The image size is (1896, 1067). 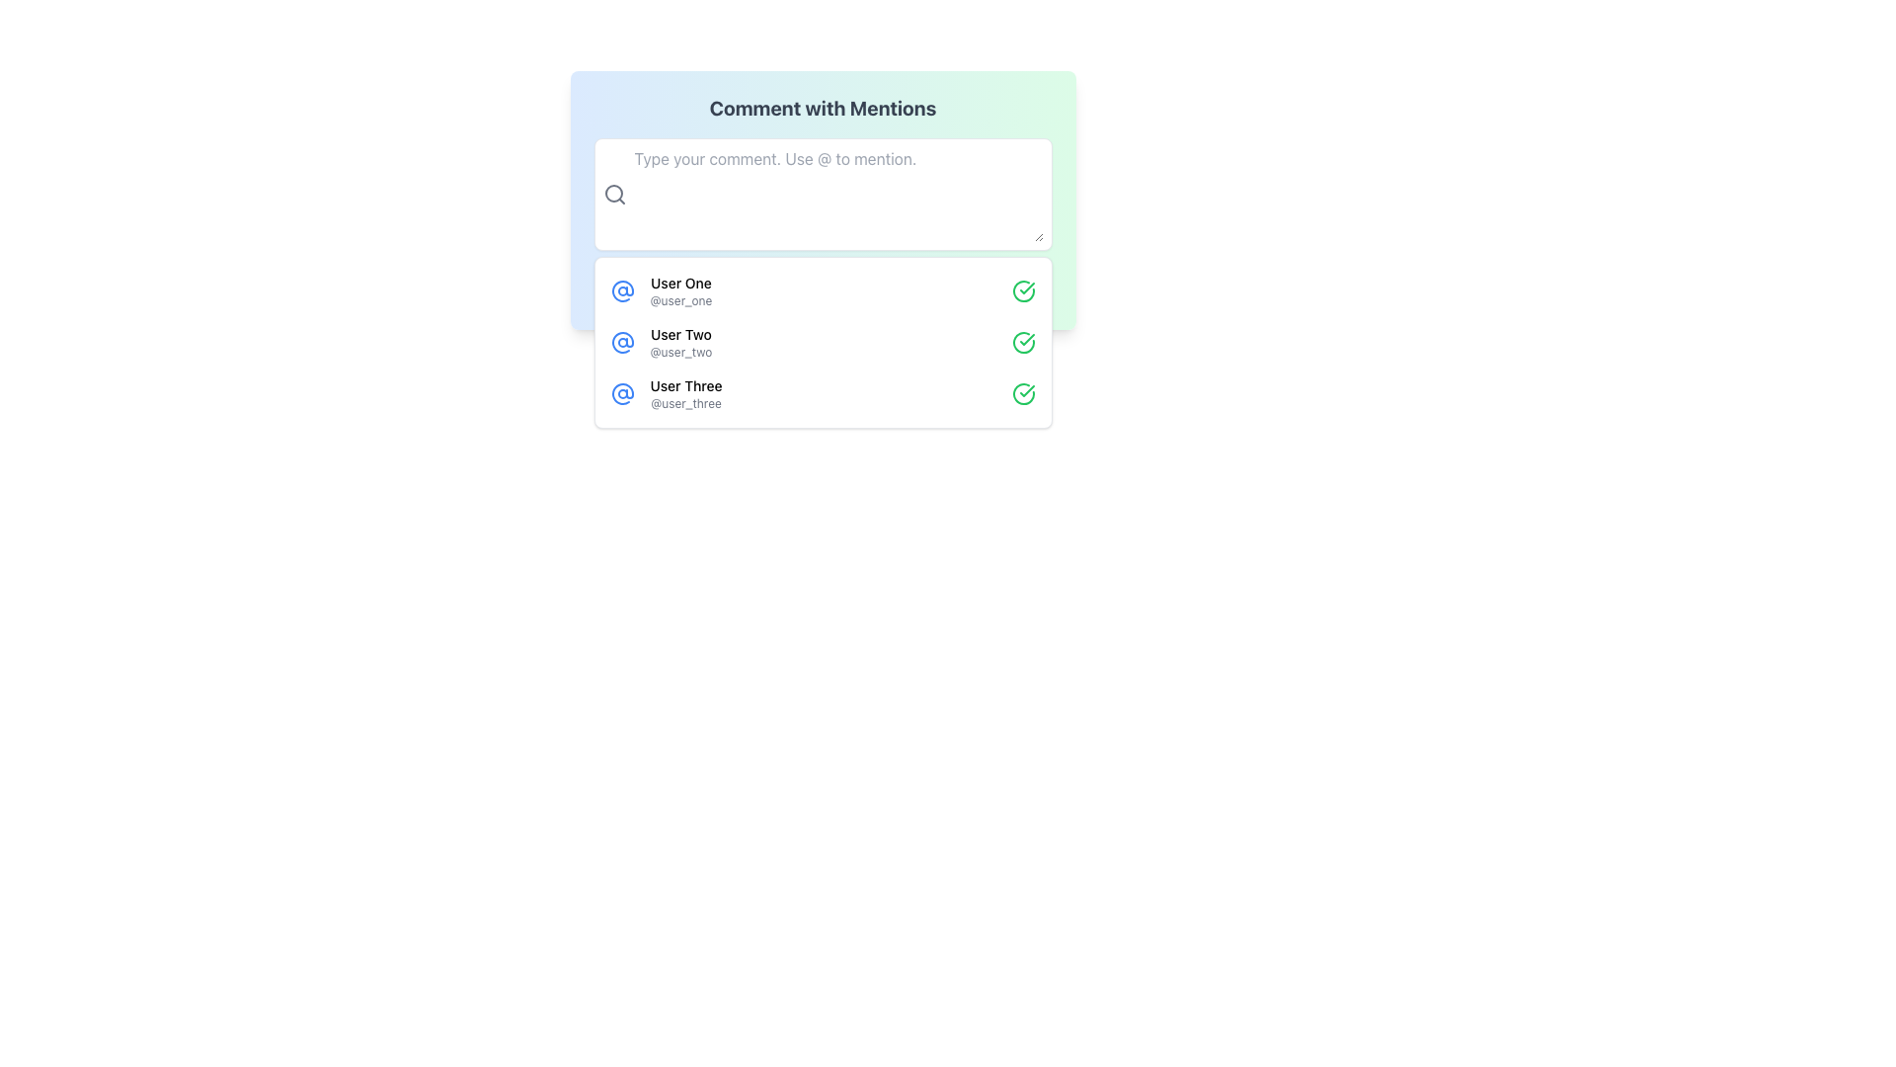 I want to click on the user mention icon within the 'Comment with Mentions' input area, which is the second graphical icon aligned with the '@' symbol, so click(x=621, y=290).